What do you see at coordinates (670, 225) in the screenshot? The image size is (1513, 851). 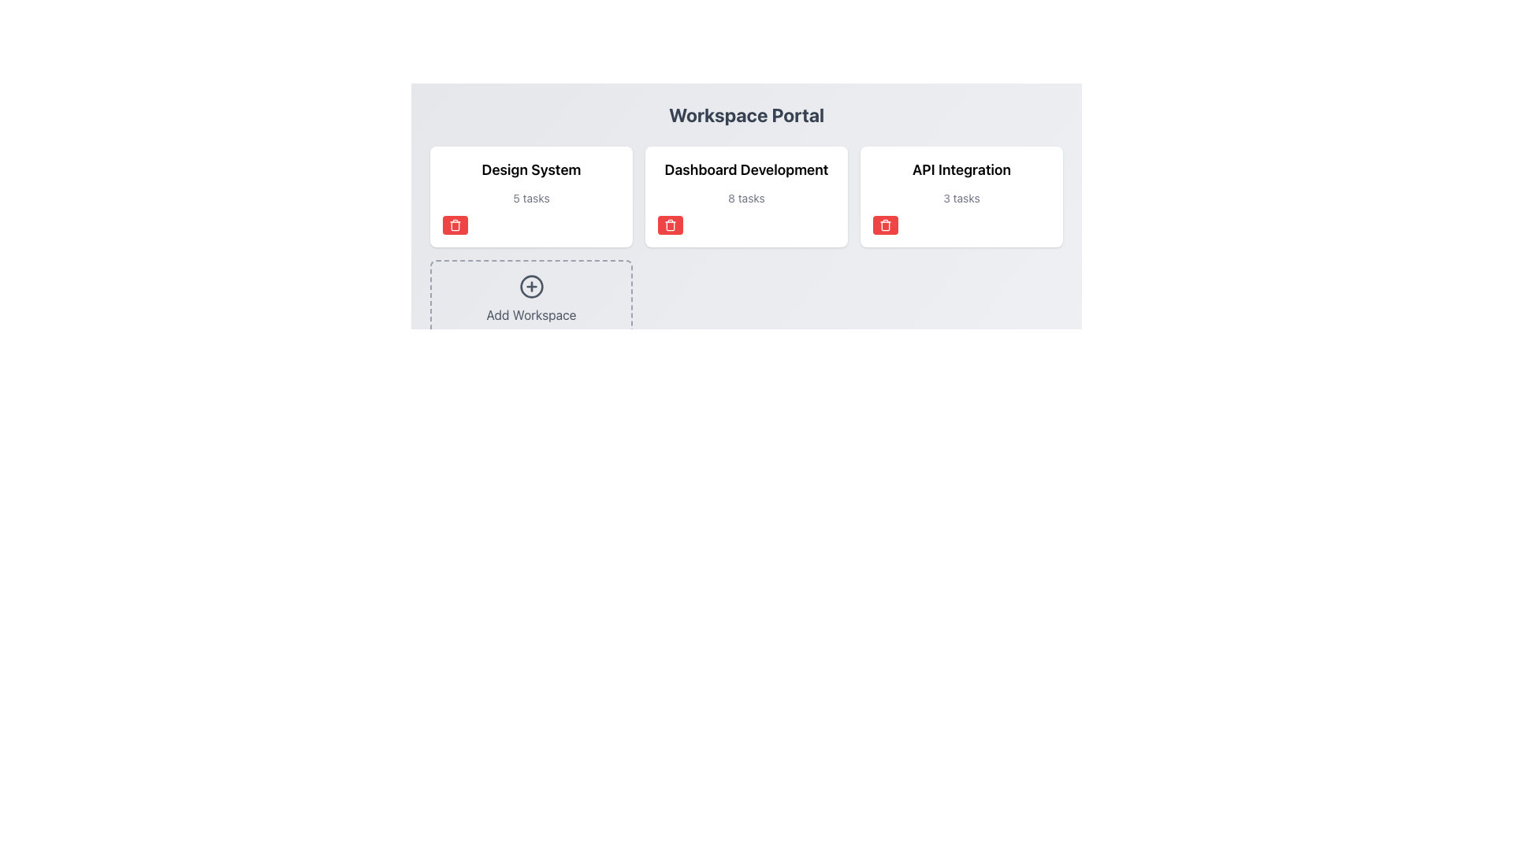 I see `the trash bin icon` at bounding box center [670, 225].